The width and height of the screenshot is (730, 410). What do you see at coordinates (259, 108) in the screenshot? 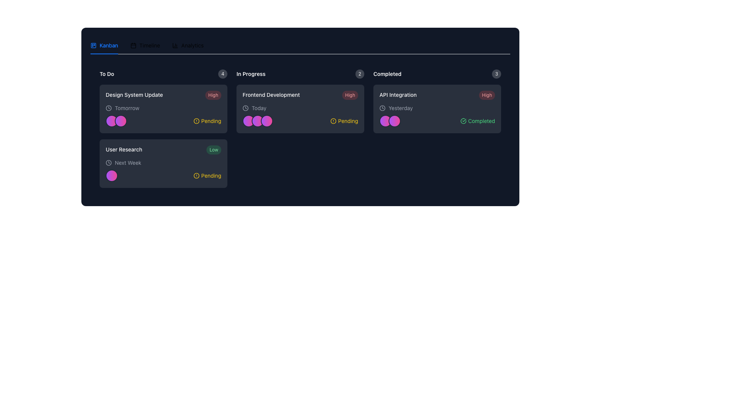
I see `the static text label indicating that the task is scheduled for today, located in the 'In Progress' column of the 'Frontend Development' card` at bounding box center [259, 108].